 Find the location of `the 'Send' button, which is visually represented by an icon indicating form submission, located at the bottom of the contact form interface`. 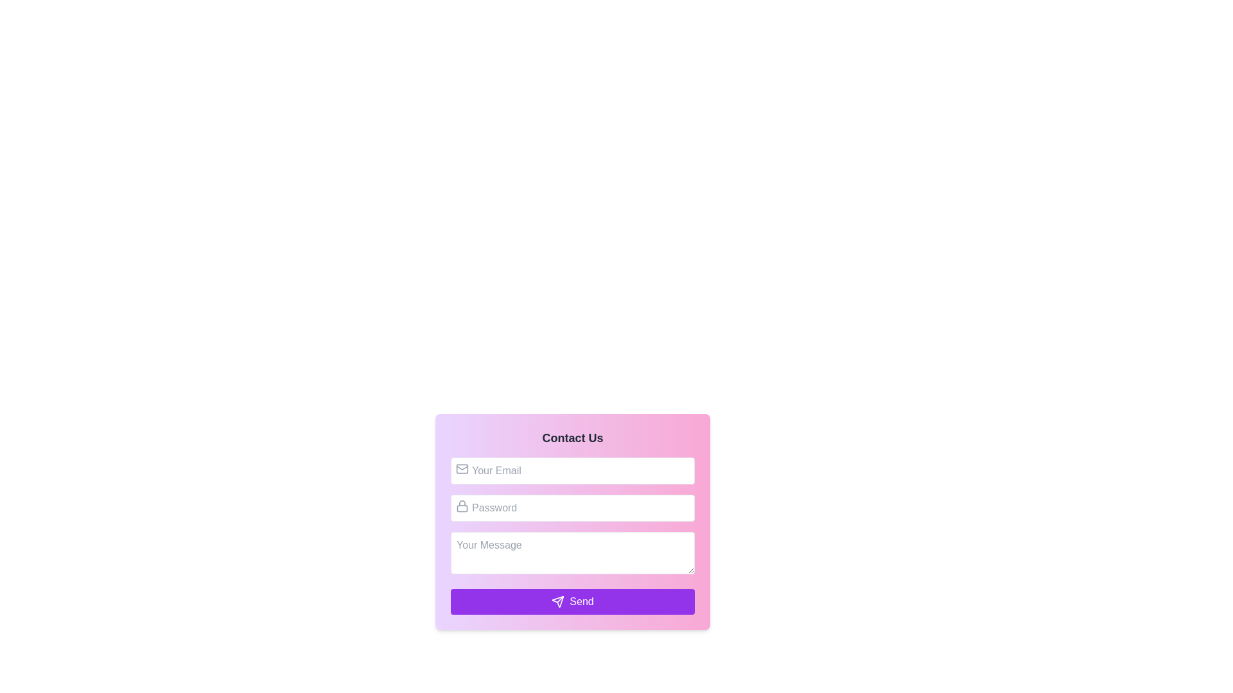

the 'Send' button, which is visually represented by an icon indicating form submission, located at the bottom of the contact form interface is located at coordinates (558, 601).